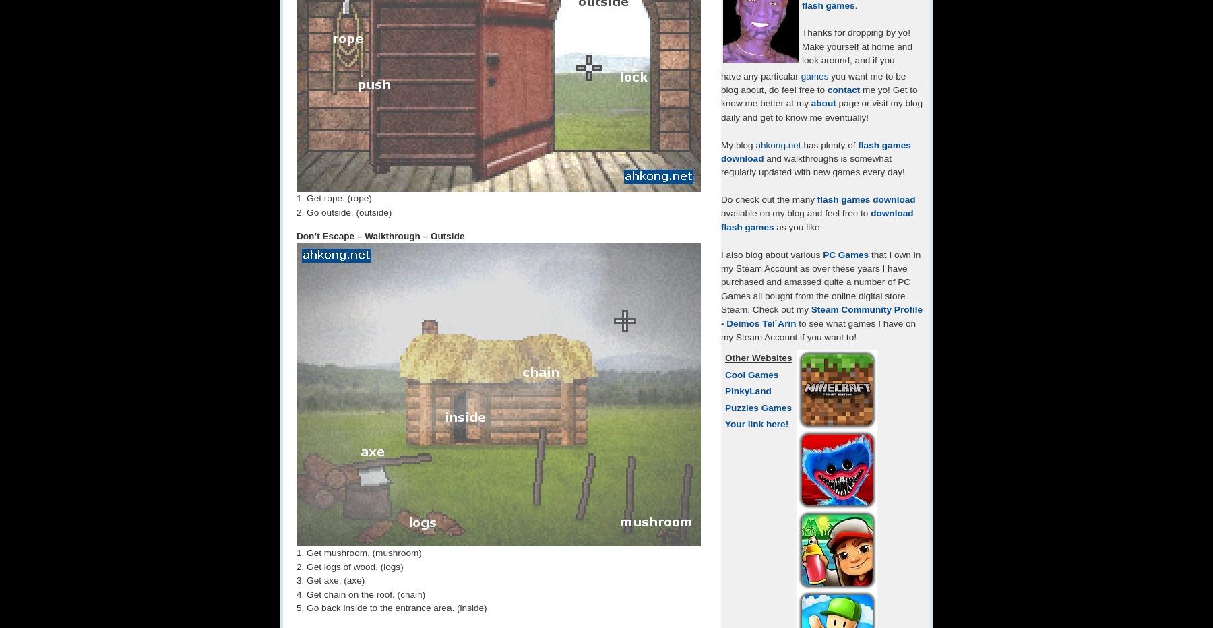  Describe the element at coordinates (771, 253) in the screenshot. I see `'I also blog about various'` at that location.